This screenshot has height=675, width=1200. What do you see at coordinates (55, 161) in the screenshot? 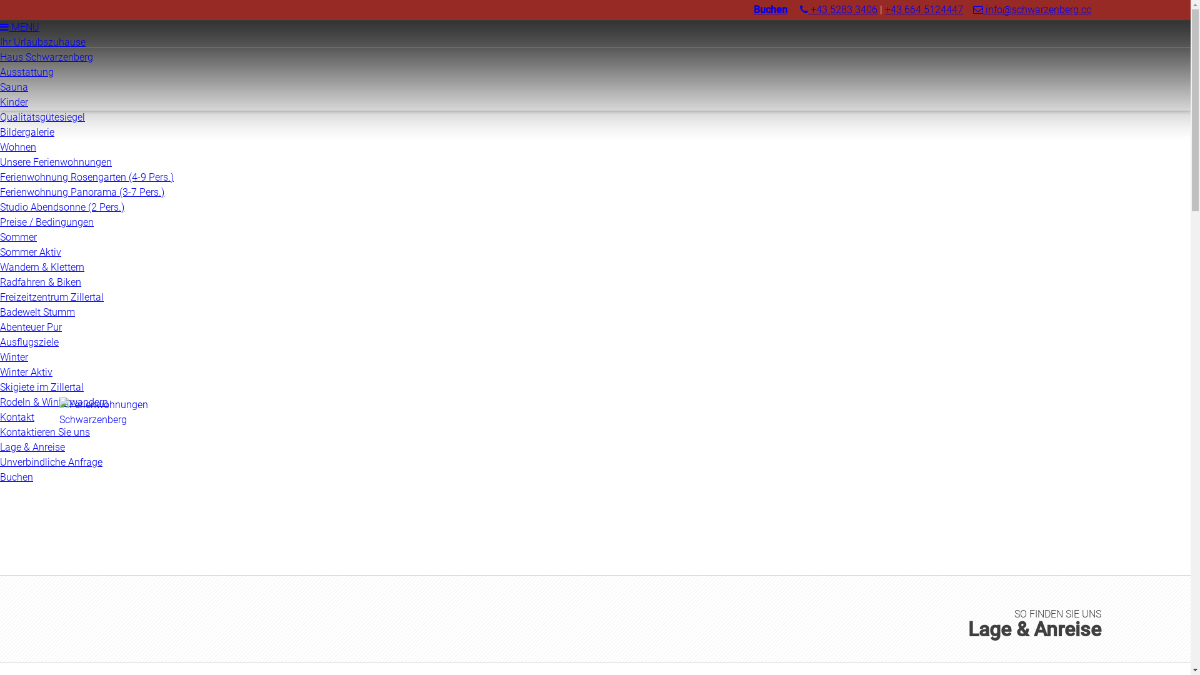
I see `'Unsere Ferienwohnungen'` at bounding box center [55, 161].